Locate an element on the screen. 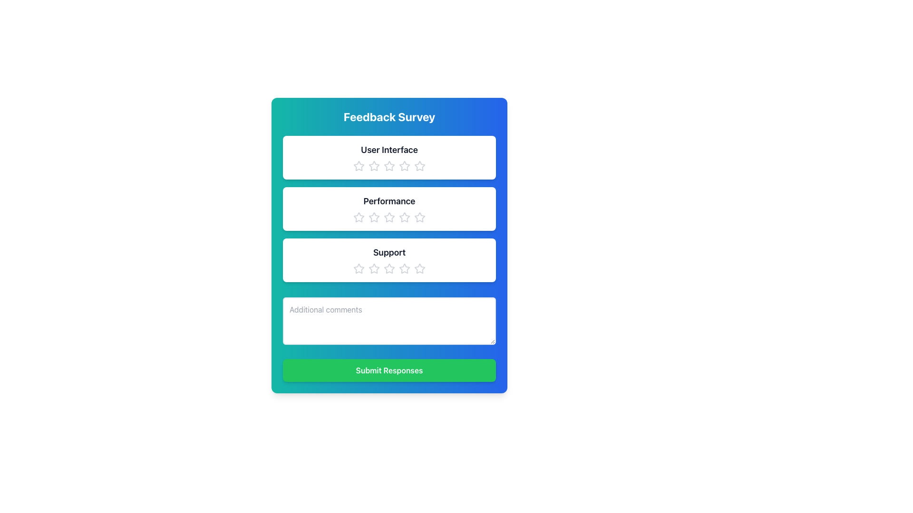  the fourth rating star in the 'Performance' section is located at coordinates (404, 218).